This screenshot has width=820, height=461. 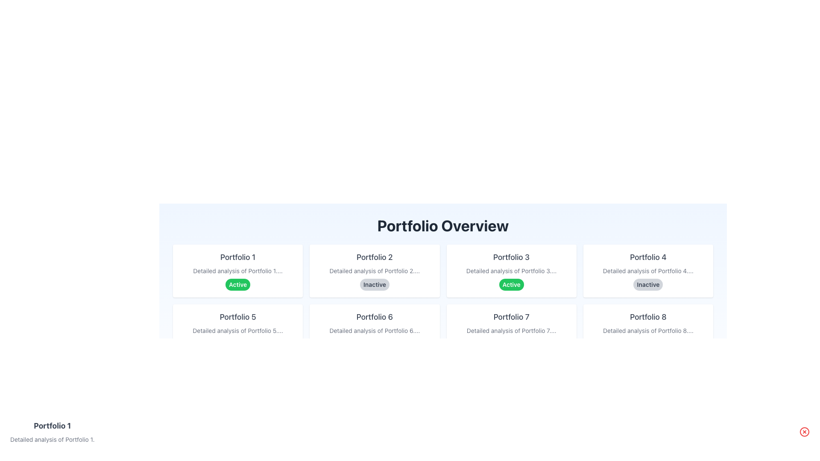 I want to click on the Text Label displaying a brief description for 'Portfolio 2', located under 'Portfolio Overview' in the second column, positioned between the title 'Portfolio 2' and the status badge 'Inactive', so click(x=375, y=271).